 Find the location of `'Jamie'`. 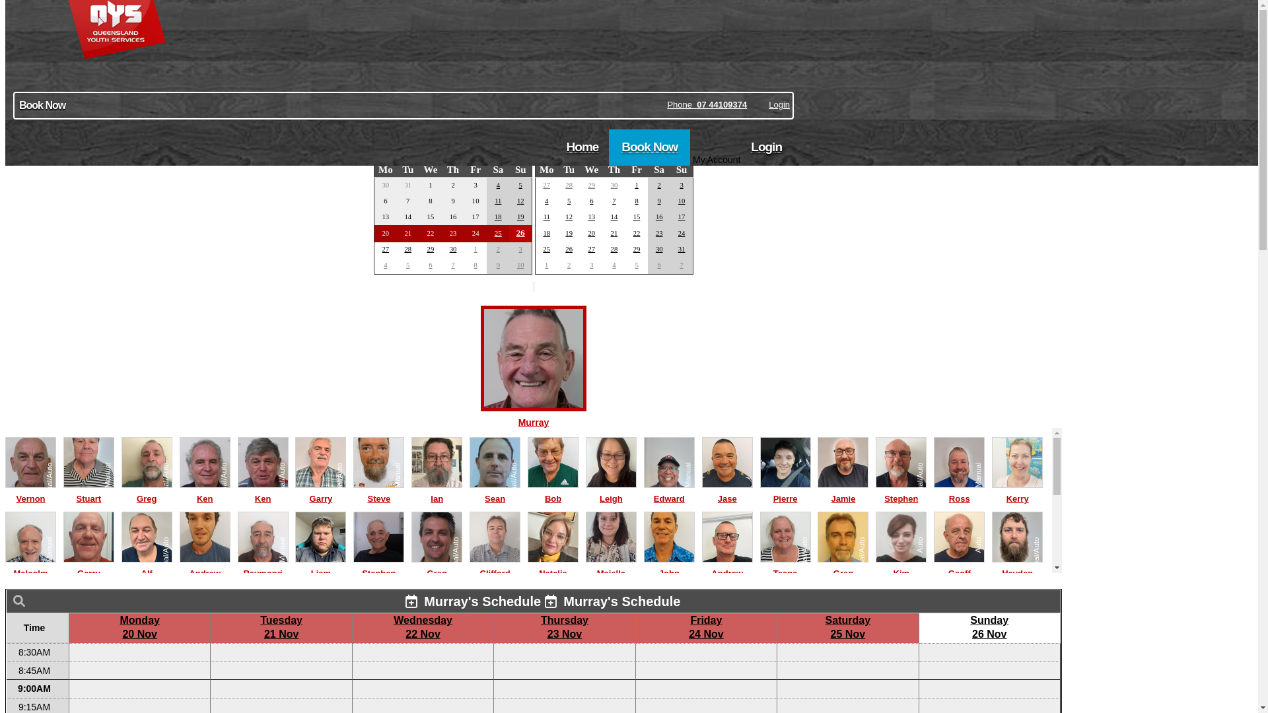

'Jamie' is located at coordinates (842, 492).